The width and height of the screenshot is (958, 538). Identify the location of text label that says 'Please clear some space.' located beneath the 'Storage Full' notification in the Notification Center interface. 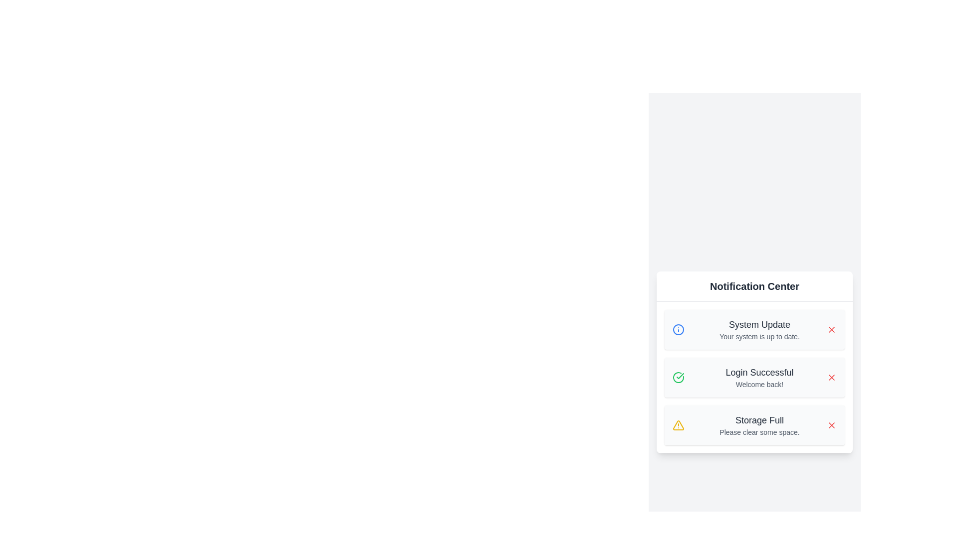
(759, 431).